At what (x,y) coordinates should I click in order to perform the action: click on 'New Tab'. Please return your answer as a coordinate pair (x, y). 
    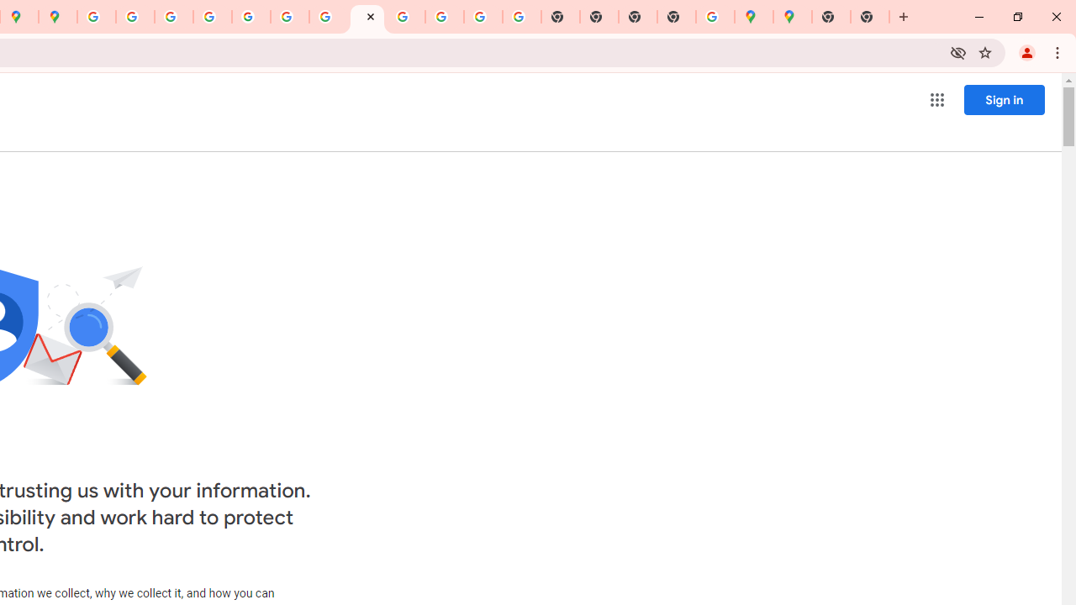
    Looking at the image, I should click on (831, 17).